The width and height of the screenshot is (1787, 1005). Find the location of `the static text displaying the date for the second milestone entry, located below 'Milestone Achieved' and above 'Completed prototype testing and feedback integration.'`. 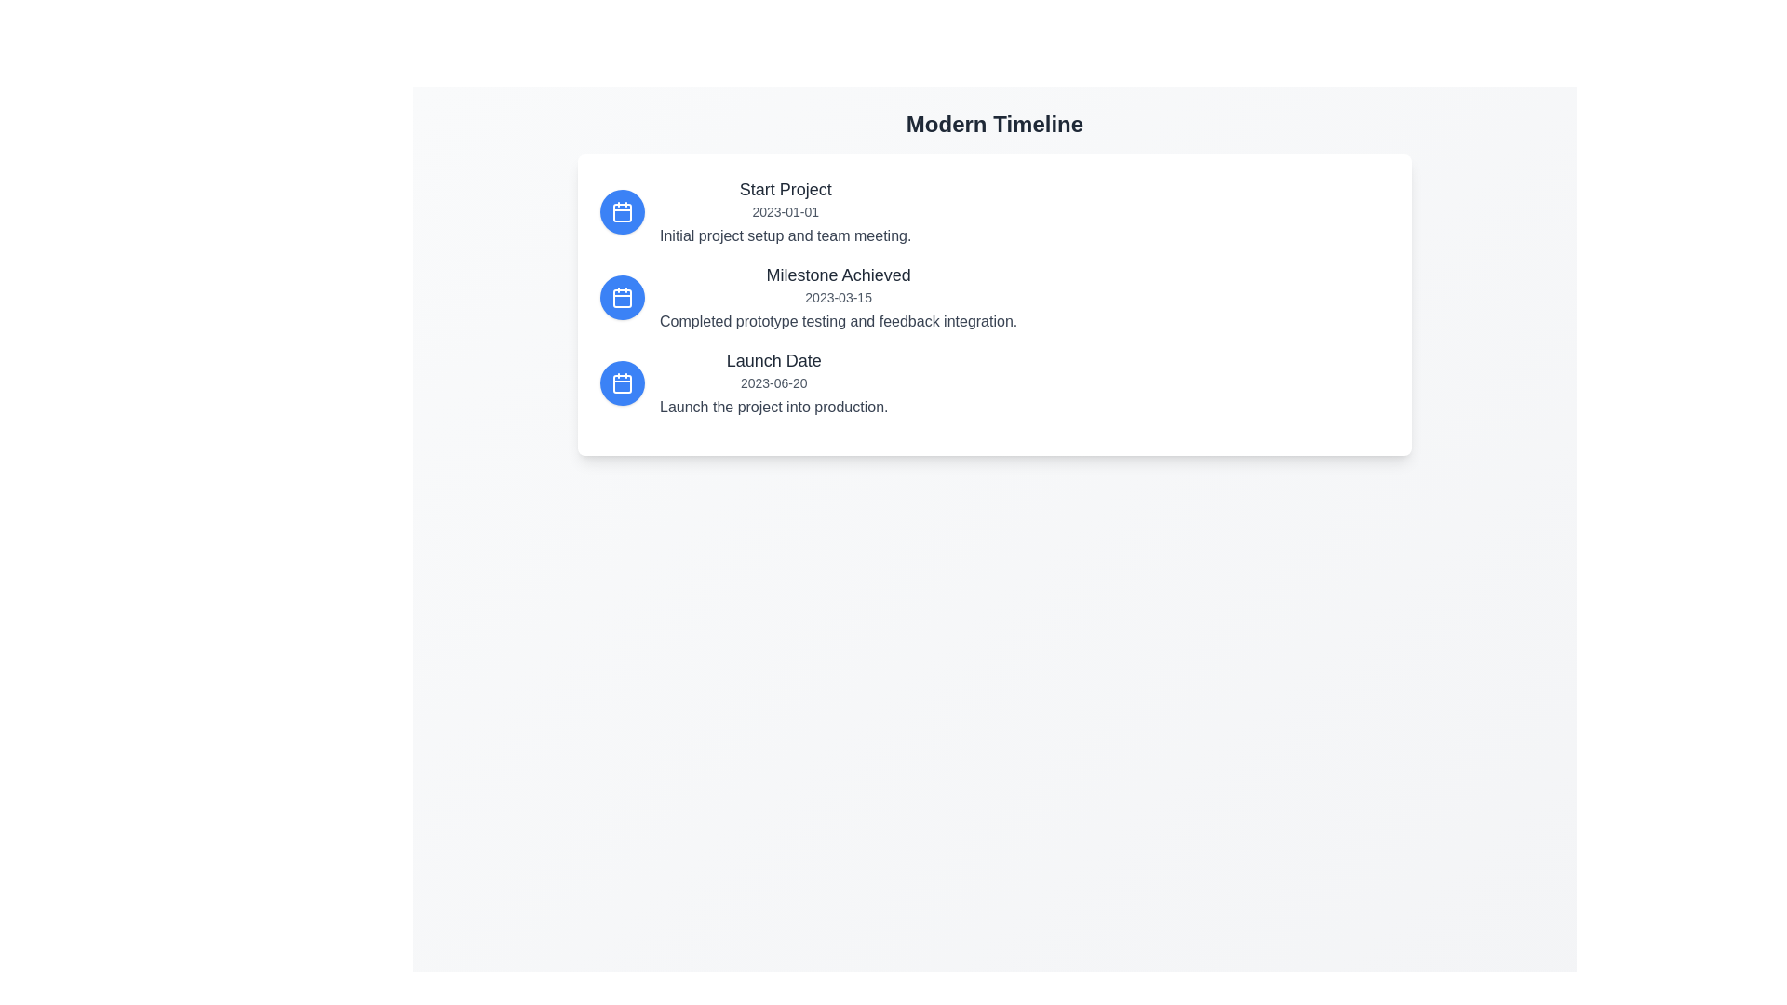

the static text displaying the date for the second milestone entry, located below 'Milestone Achieved' and above 'Completed prototype testing and feedback integration.' is located at coordinates (838, 297).